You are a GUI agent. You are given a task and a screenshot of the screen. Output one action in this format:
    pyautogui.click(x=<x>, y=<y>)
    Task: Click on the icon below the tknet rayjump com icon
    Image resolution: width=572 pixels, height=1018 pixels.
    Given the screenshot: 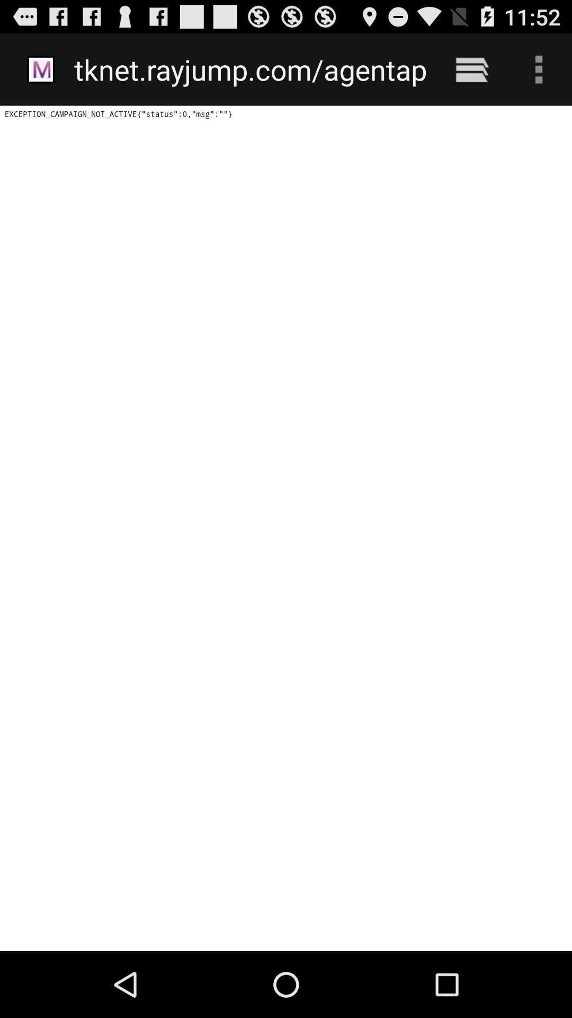 What is the action you would take?
    pyautogui.click(x=286, y=528)
    